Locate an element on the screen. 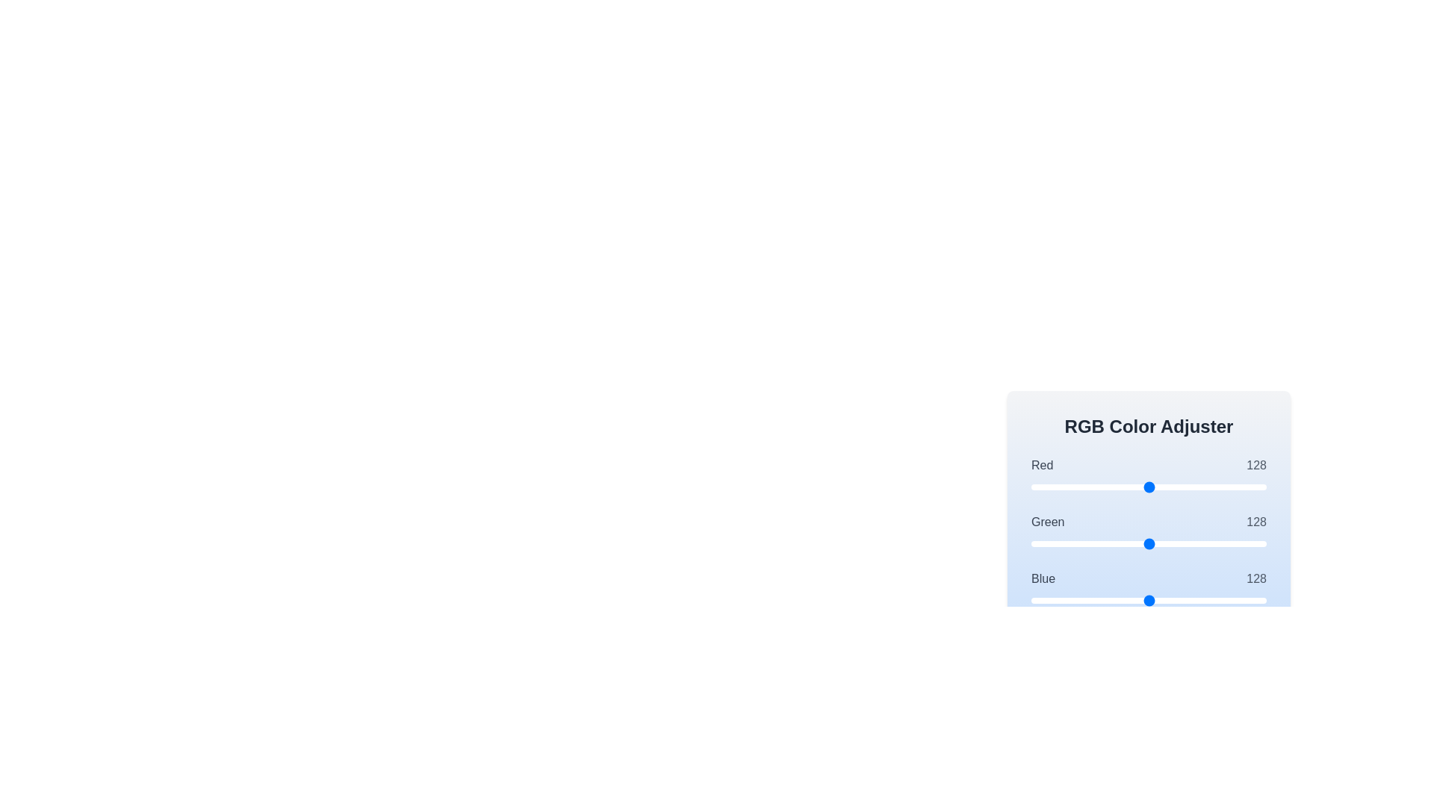 The width and height of the screenshot is (1434, 806). the 1 slider to set its value to 184 is located at coordinates (1201, 544).